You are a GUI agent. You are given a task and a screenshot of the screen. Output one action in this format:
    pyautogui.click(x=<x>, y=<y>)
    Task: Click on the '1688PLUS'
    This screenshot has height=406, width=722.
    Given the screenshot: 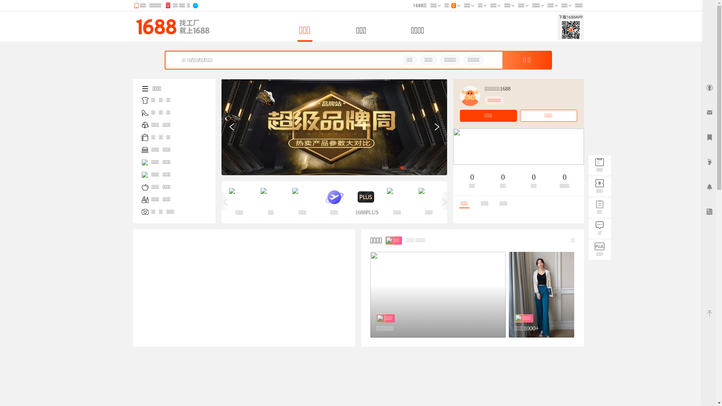 What is the action you would take?
    pyautogui.click(x=365, y=201)
    